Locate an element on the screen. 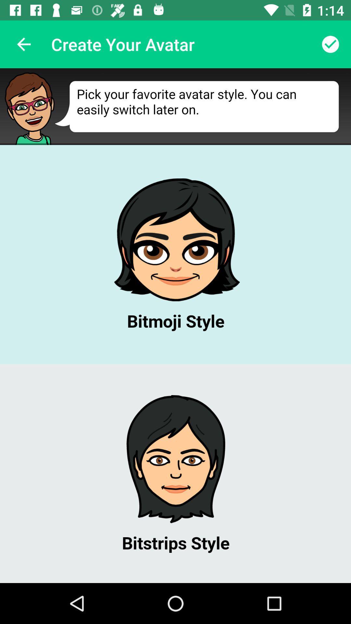  page is open is located at coordinates (175, 326).